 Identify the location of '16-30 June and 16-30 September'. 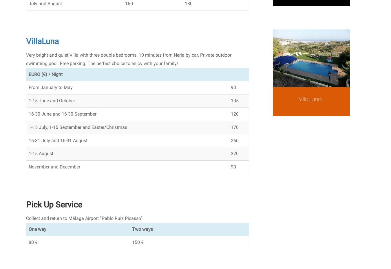
(63, 114).